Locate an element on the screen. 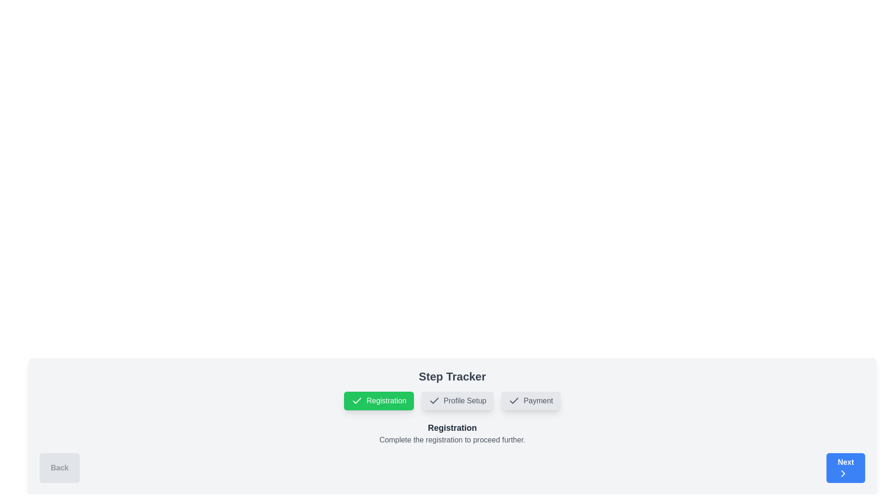 The image size is (895, 503). the clean, minimal check icon in the 'Profile Setup' section of the step tracker interface, which is located to the left of the 'Profile Setup' text and to the right of the 'Registration' step indicator is located at coordinates (434, 400).